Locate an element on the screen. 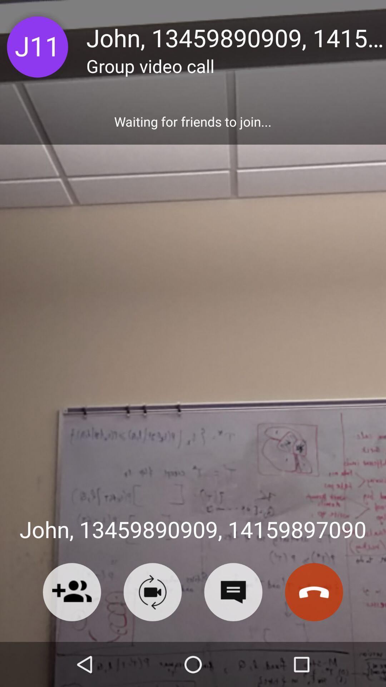  video is located at coordinates (152, 592).